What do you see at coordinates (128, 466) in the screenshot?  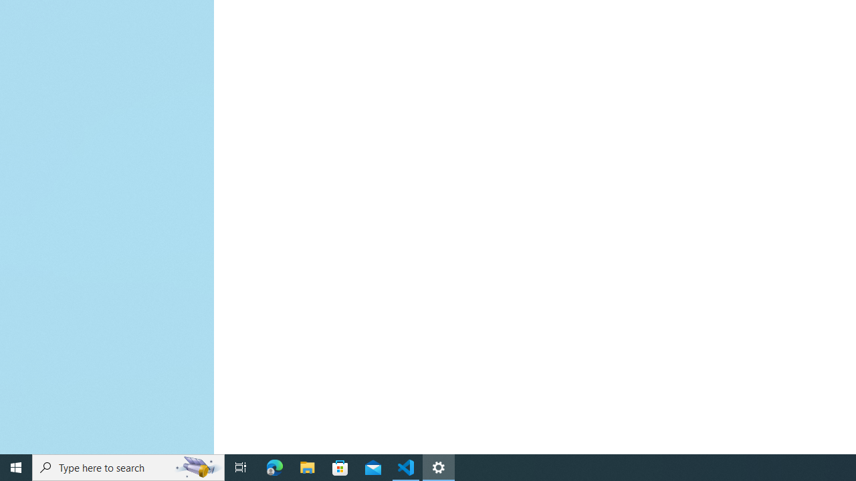 I see `'Type here to search'` at bounding box center [128, 466].